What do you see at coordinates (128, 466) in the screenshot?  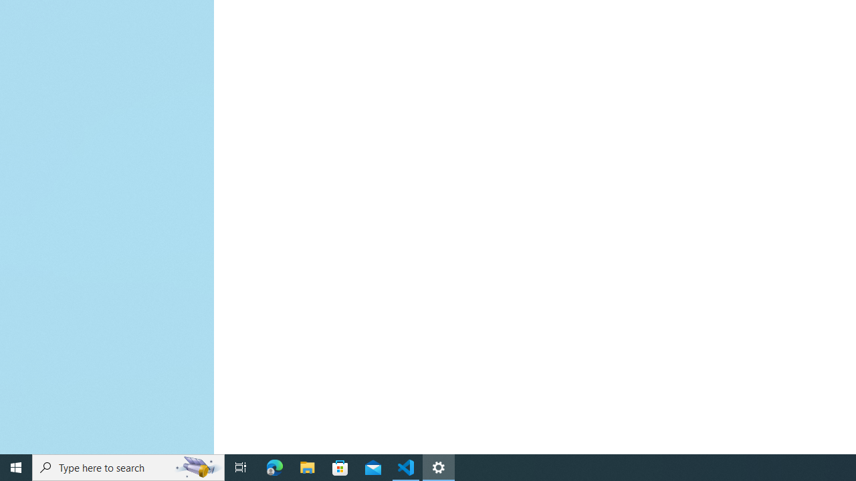 I see `'Type here to search'` at bounding box center [128, 466].